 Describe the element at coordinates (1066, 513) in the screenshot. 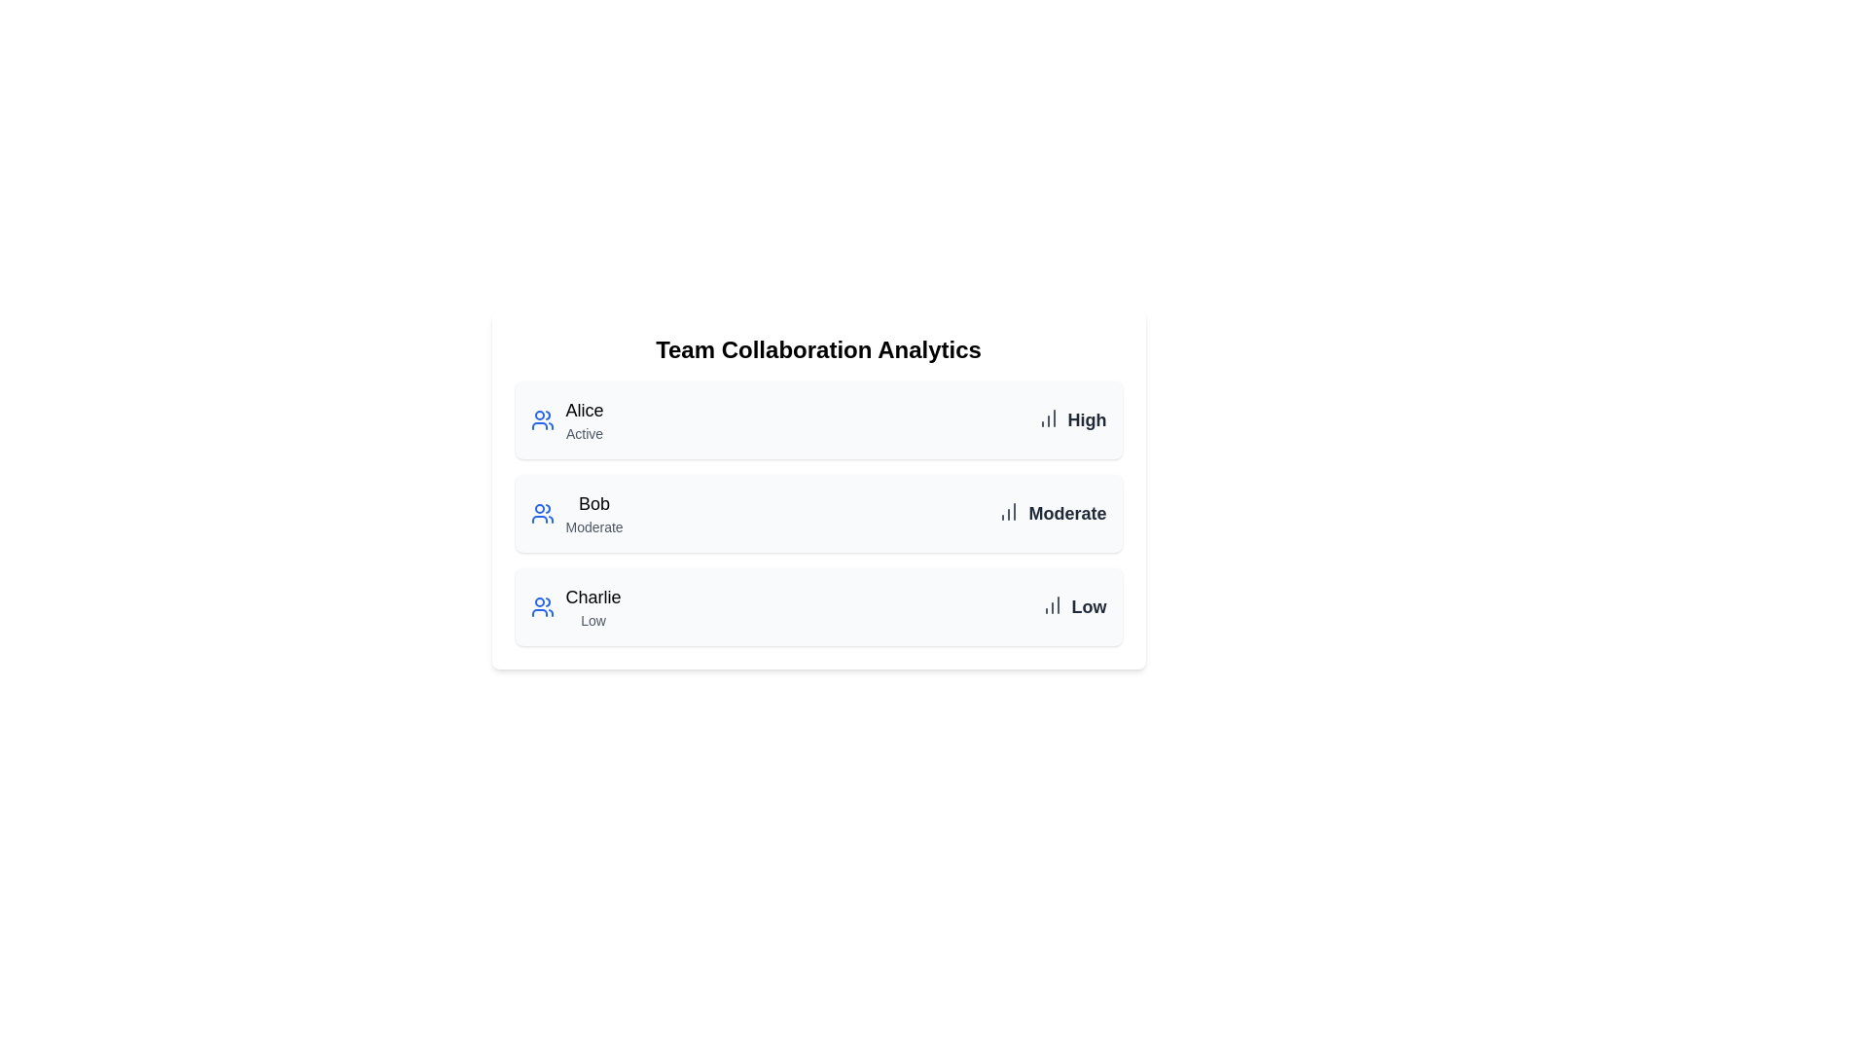

I see `the task count text for Bob` at that location.